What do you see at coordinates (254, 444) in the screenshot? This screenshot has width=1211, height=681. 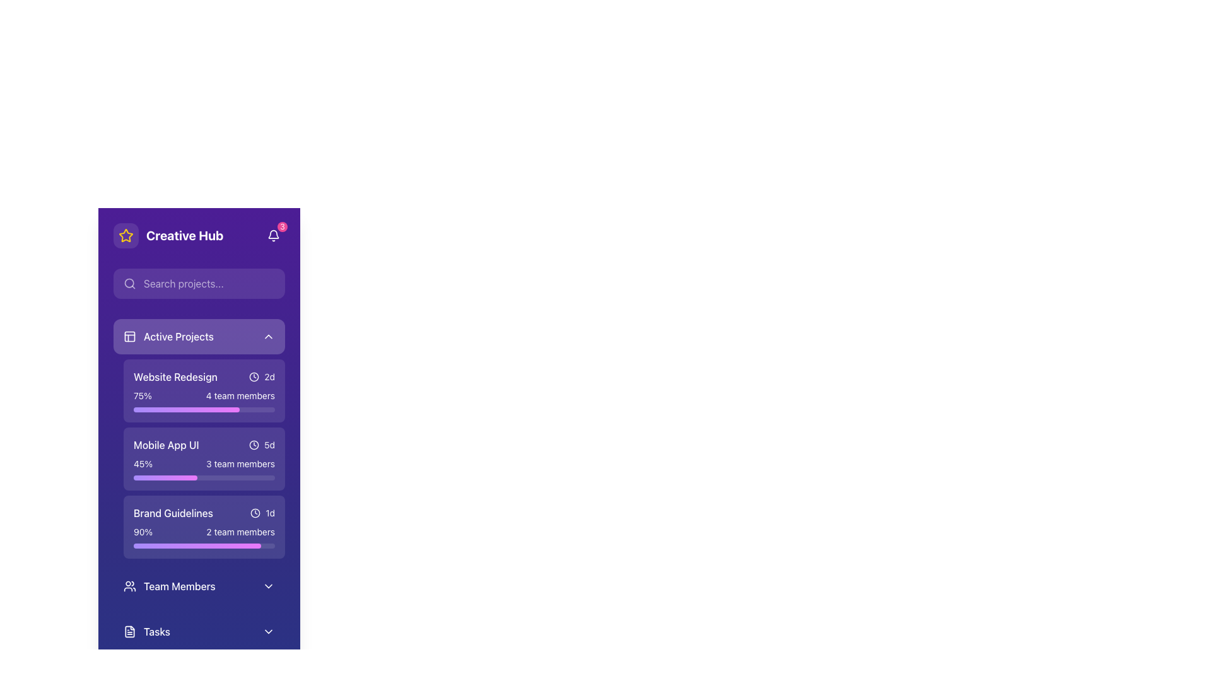 I see `the clock icon in the 'Mobile App UI' item within the 'Active Projects' list, which features a minimalist design and is positioned near the time label` at bounding box center [254, 444].